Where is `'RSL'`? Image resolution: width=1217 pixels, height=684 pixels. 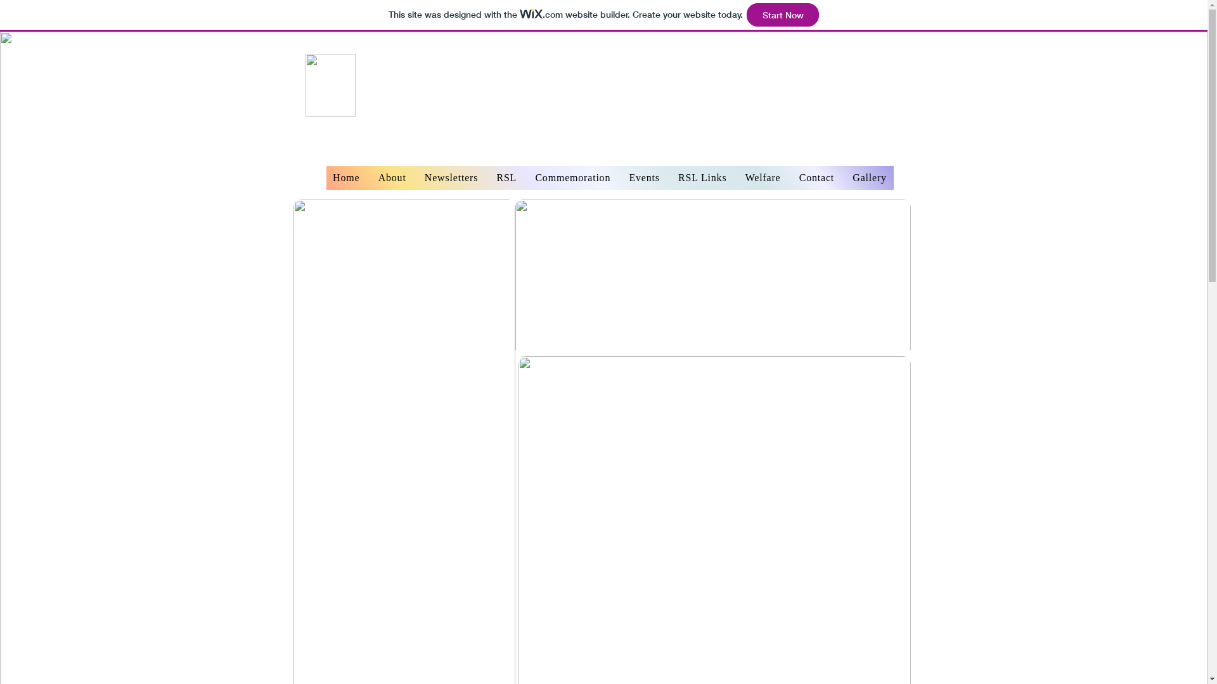
'RSL' is located at coordinates (506, 178).